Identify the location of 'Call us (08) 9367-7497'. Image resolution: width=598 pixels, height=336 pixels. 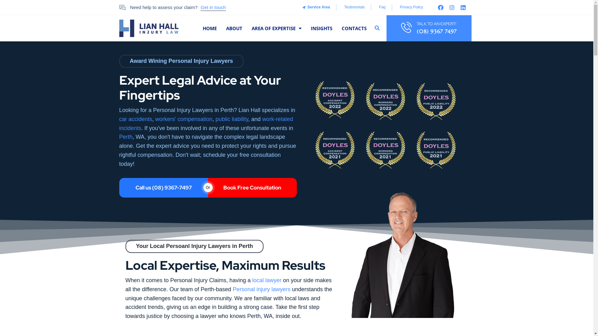
(163, 188).